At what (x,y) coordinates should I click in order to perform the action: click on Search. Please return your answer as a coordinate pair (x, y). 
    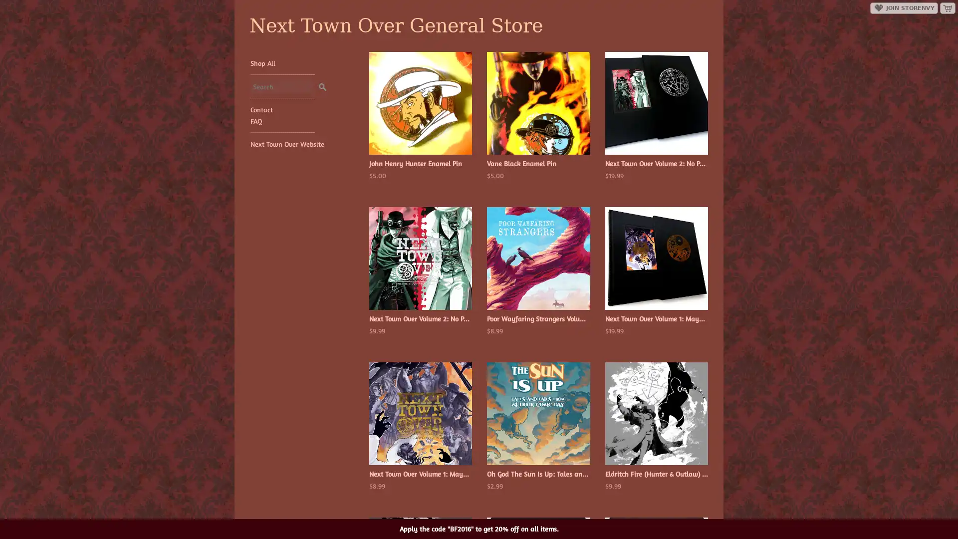
    Looking at the image, I should click on (322, 84).